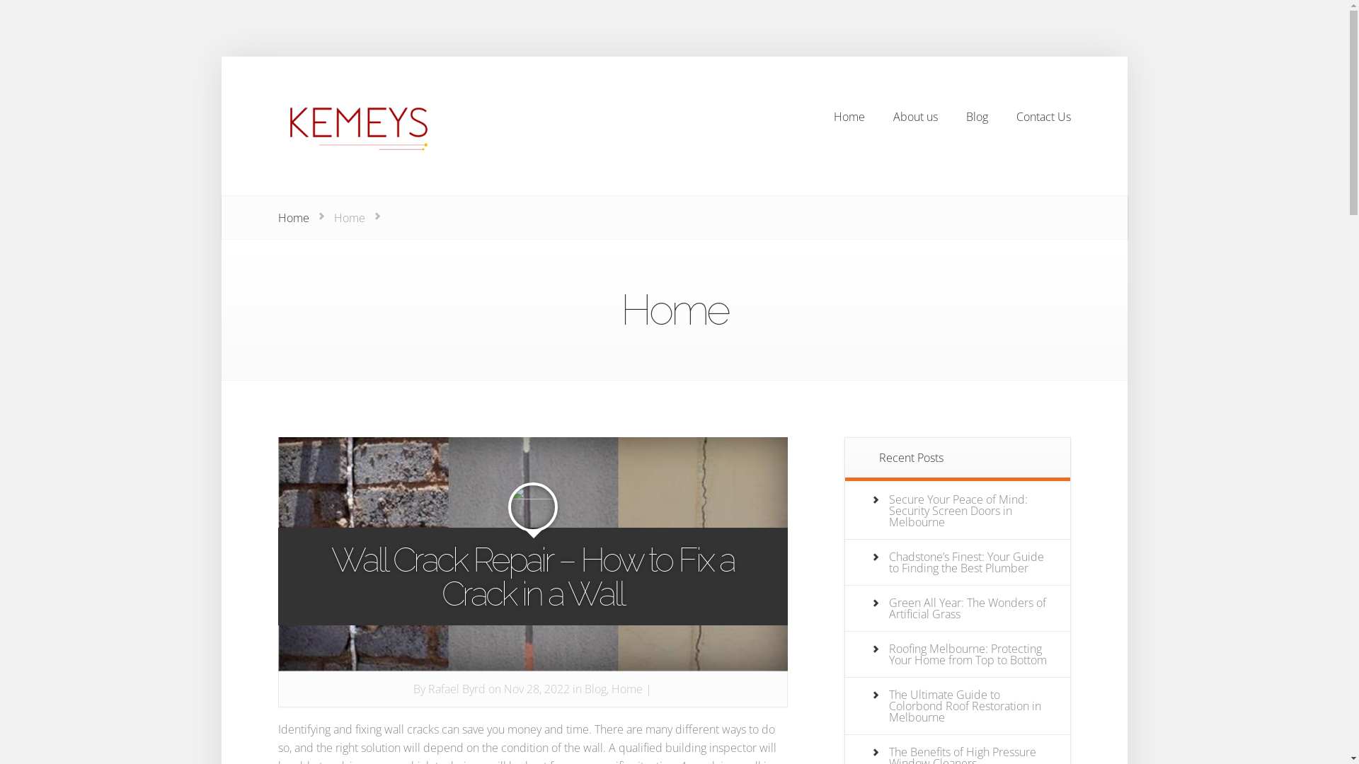 The width and height of the screenshot is (1359, 764). Describe the element at coordinates (975, 116) in the screenshot. I see `'Blog'` at that location.